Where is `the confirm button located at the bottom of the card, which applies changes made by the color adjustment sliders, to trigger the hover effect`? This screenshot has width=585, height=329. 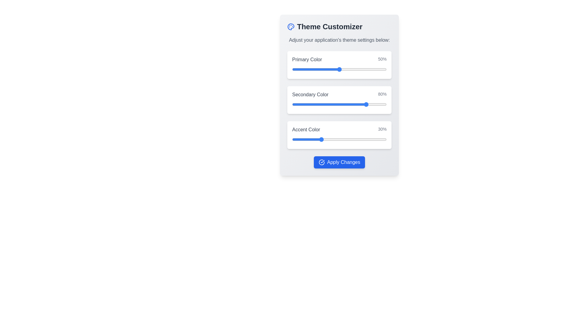
the confirm button located at the bottom of the card, which applies changes made by the color adjustment sliders, to trigger the hover effect is located at coordinates (339, 162).